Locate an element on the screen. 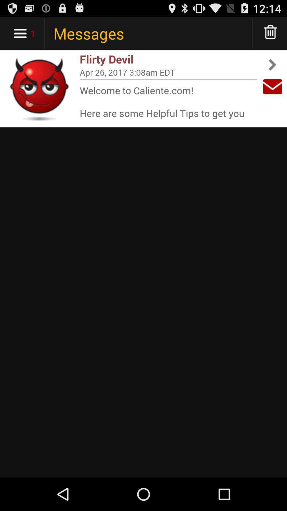 This screenshot has height=511, width=287. delete message is located at coordinates (271, 33).